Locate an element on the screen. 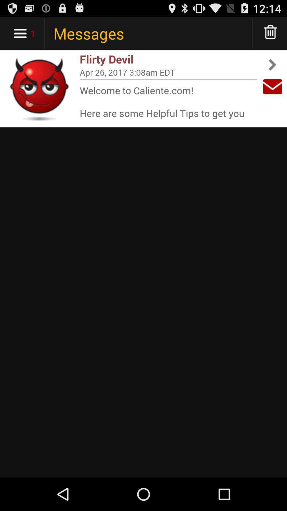 This screenshot has height=511, width=287. delete message is located at coordinates (271, 33).